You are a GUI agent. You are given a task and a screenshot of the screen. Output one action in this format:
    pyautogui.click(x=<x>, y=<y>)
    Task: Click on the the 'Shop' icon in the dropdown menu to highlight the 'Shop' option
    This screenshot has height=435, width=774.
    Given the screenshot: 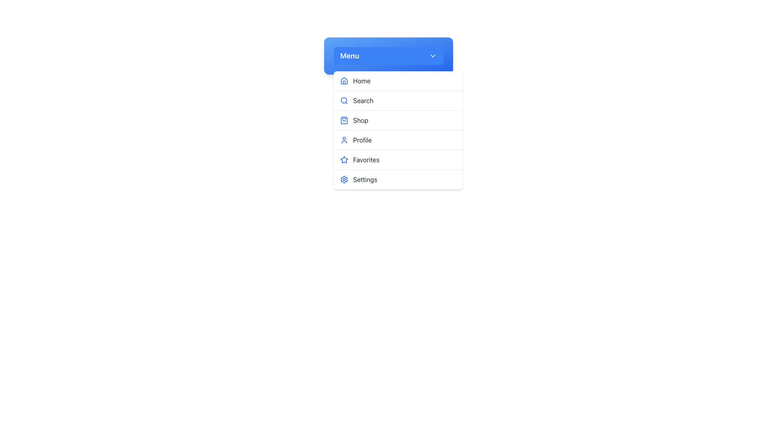 What is the action you would take?
    pyautogui.click(x=344, y=120)
    